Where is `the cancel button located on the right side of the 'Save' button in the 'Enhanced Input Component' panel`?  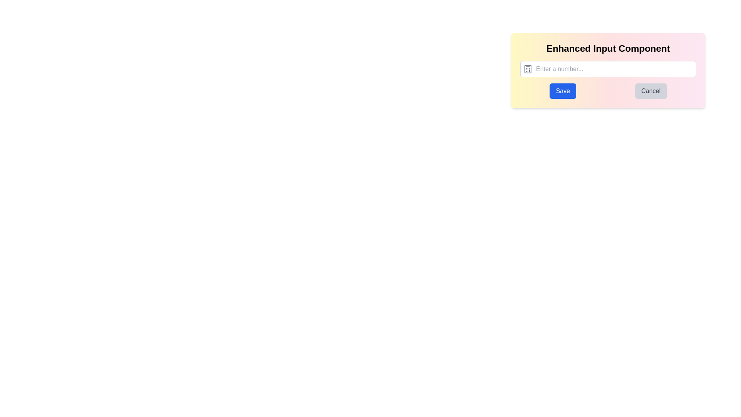 the cancel button located on the right side of the 'Save' button in the 'Enhanced Input Component' panel is located at coordinates (650, 90).